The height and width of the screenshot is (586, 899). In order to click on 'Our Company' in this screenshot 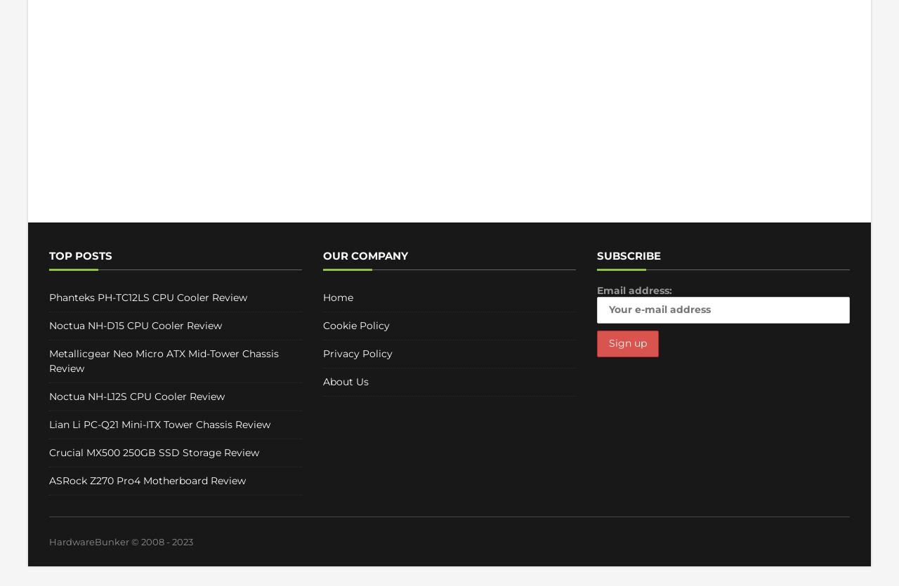, I will do `click(365, 255)`.